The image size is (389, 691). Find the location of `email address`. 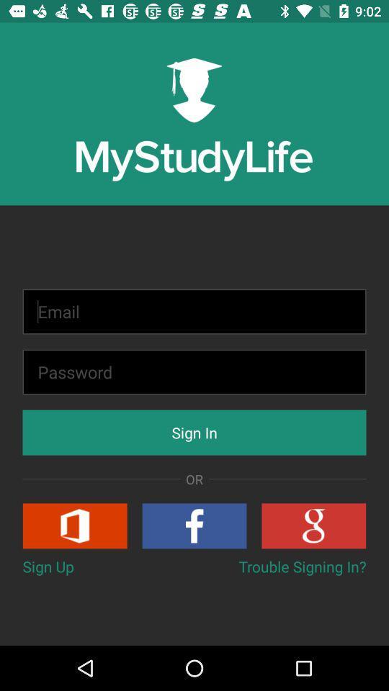

email address is located at coordinates (194, 312).